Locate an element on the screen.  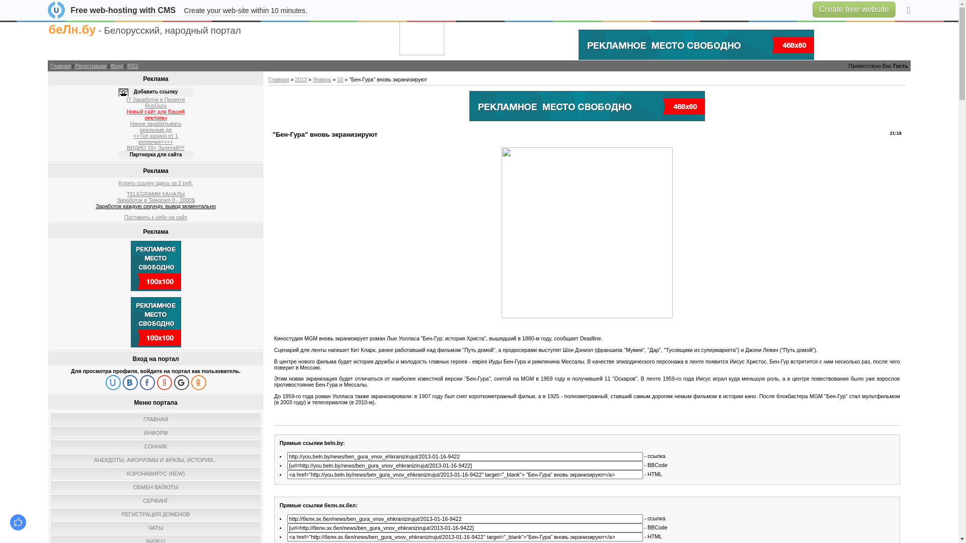
'RSS' is located at coordinates (127, 66).